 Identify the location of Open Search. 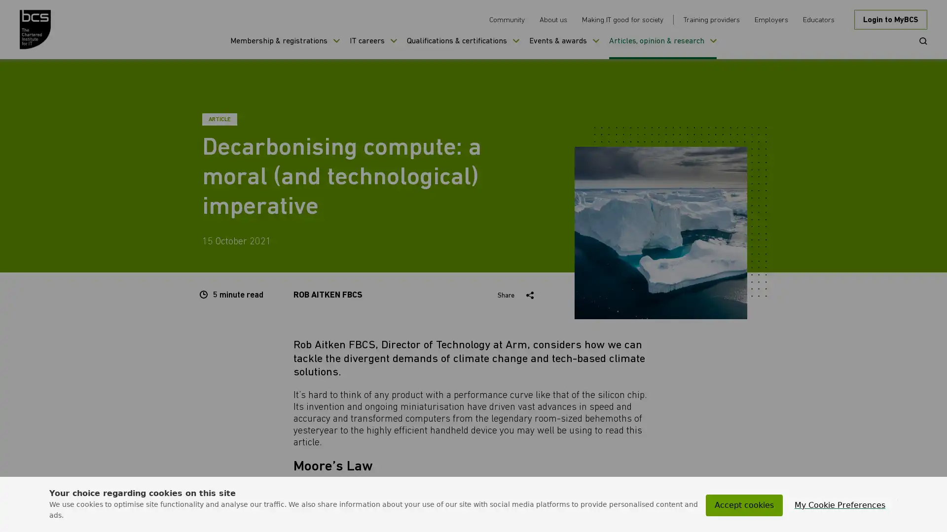
(919, 39).